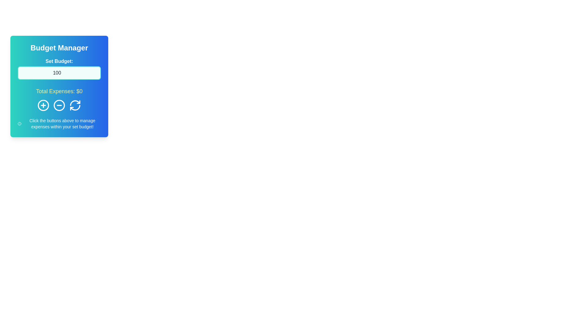  I want to click on the 'minus' icon button in the 'Budget Manager' card, which is the middle button in a trio of action buttons, so click(59, 105).